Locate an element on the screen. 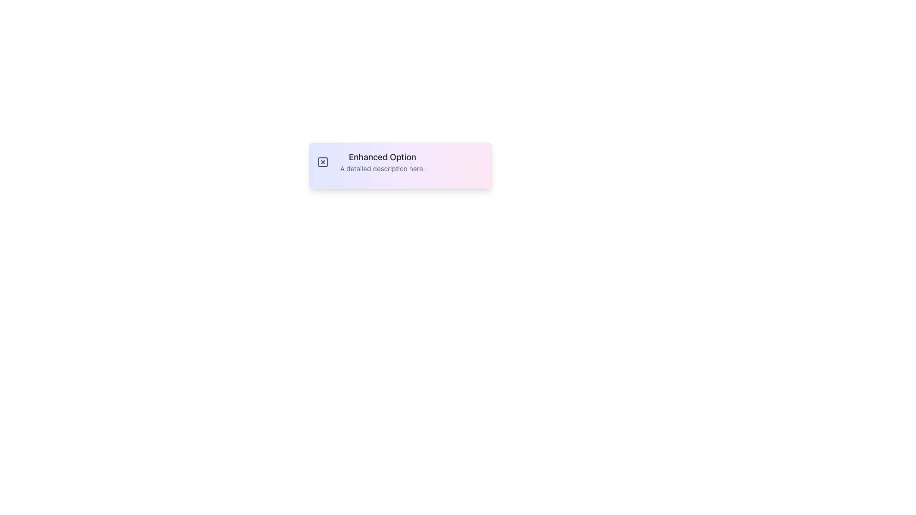 The width and height of the screenshot is (916, 515). the text 'A detailed description here.' which is styled in a small, slightly greyed-out font and positioned below the header 'Enhanced Option' for copying is located at coordinates (382, 168).